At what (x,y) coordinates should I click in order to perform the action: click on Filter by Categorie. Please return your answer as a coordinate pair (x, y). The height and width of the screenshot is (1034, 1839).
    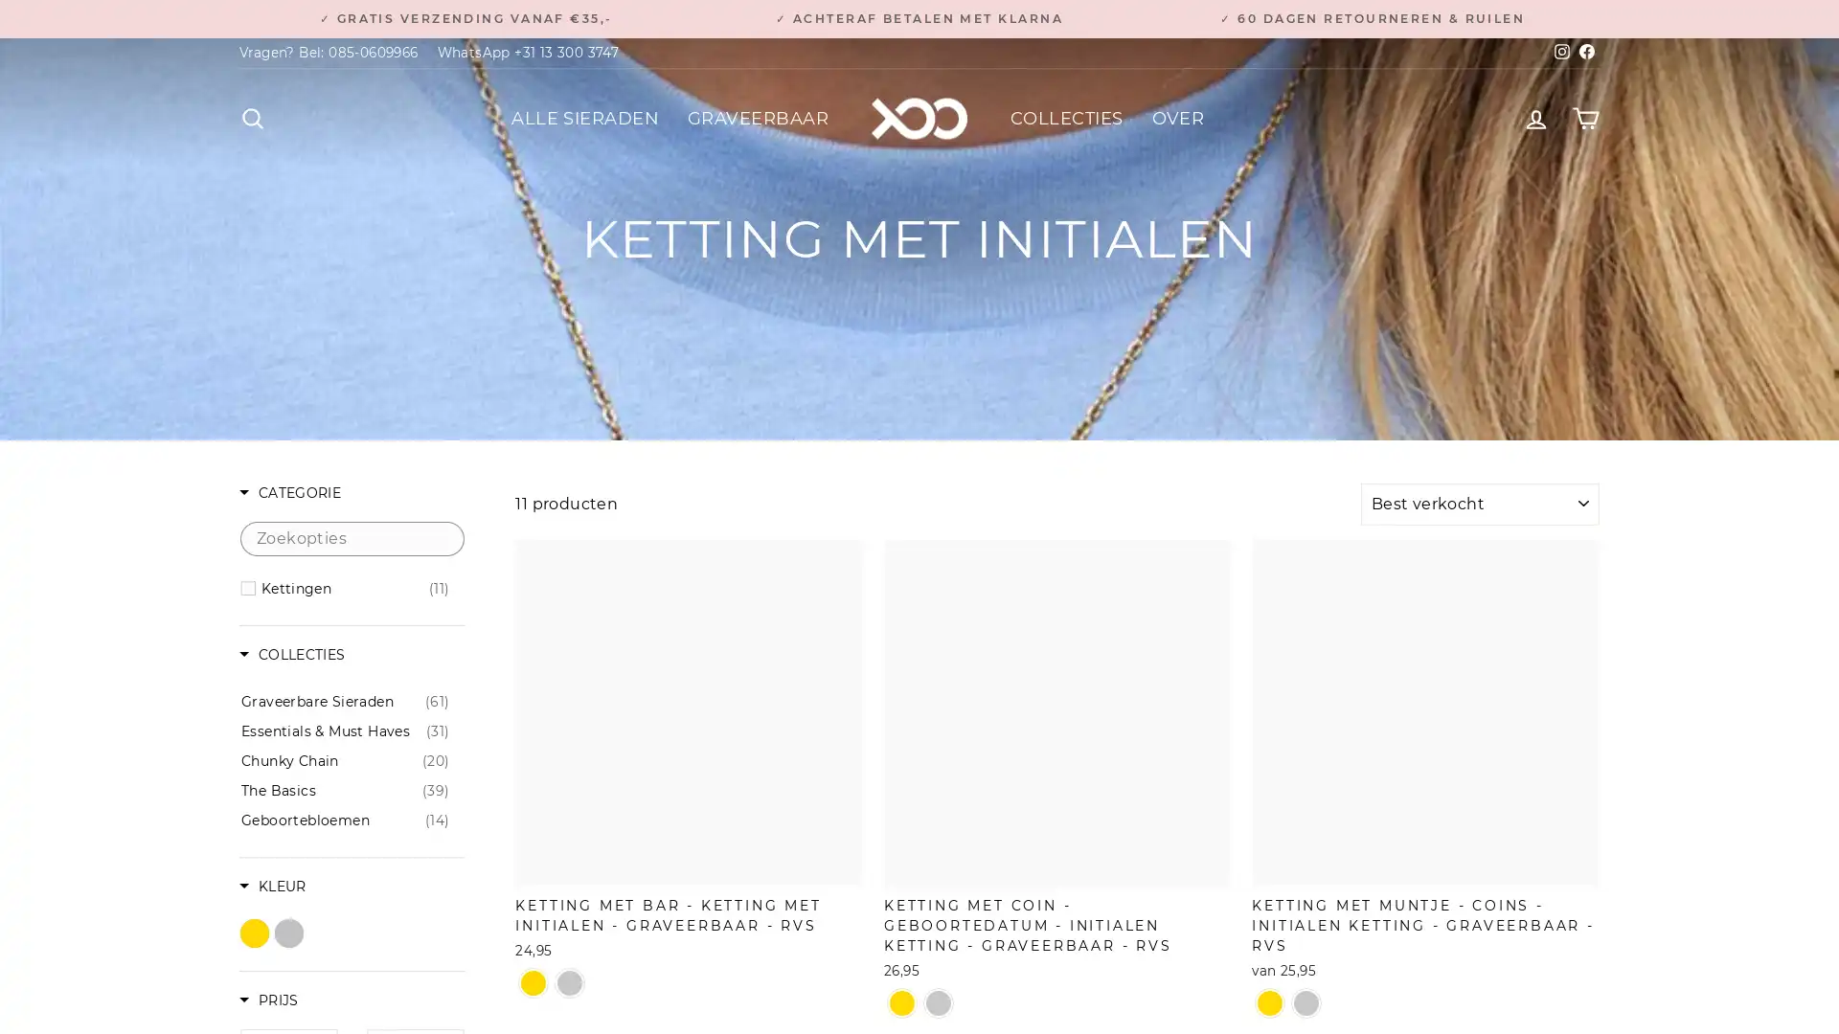
    Looking at the image, I should click on (288, 493).